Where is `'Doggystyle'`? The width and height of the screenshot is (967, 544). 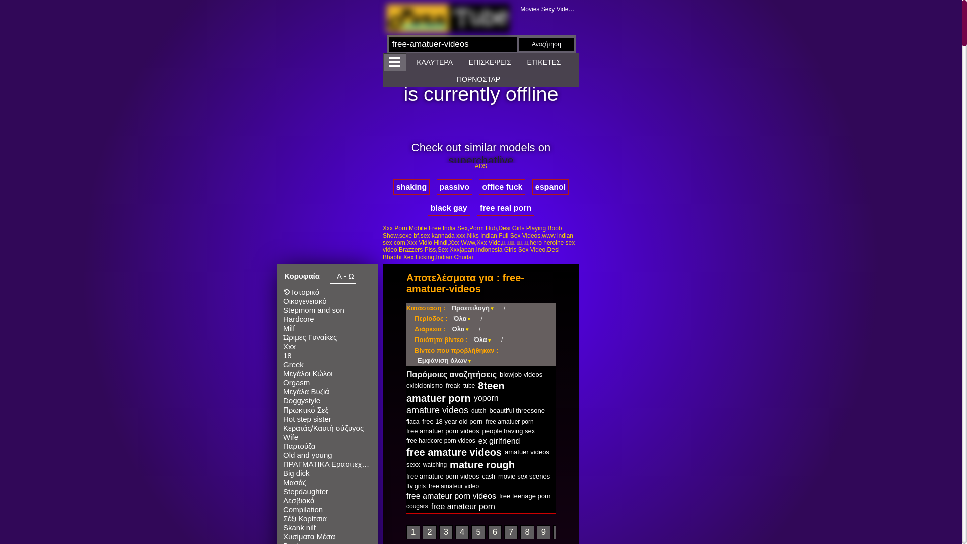
'Doggystyle' is located at coordinates (327, 400).